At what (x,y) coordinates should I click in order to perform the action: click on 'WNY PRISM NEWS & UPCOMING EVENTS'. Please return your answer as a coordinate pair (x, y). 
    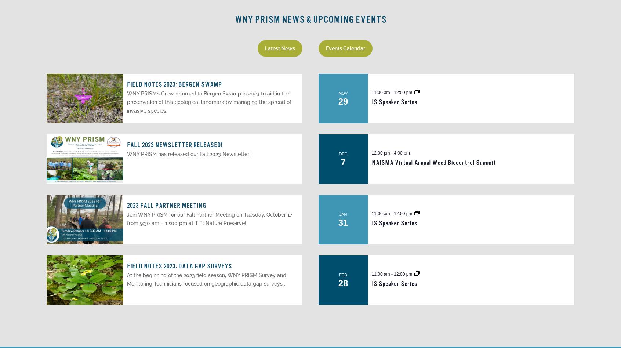
    Looking at the image, I should click on (235, 19).